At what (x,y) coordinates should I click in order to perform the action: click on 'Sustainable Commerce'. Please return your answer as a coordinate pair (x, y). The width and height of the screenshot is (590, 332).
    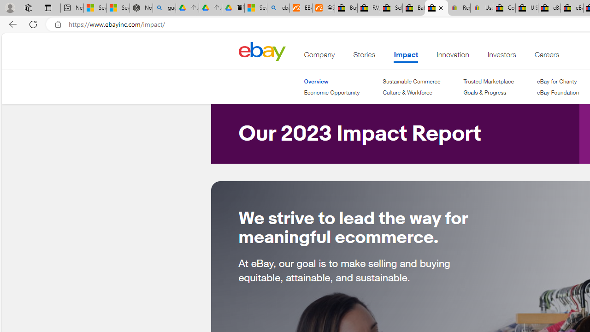
    Looking at the image, I should click on (411, 81).